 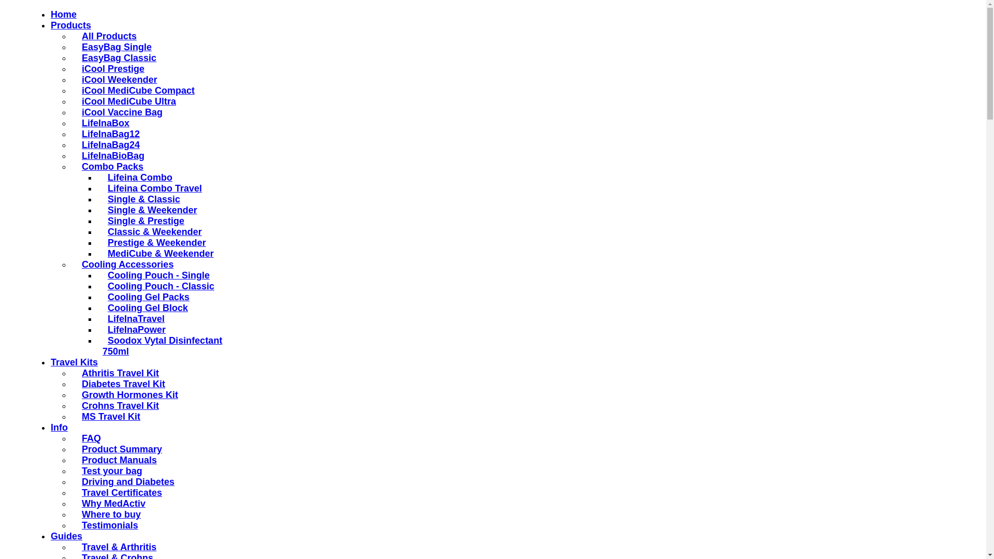 I want to click on 'Testimonials', so click(x=107, y=525).